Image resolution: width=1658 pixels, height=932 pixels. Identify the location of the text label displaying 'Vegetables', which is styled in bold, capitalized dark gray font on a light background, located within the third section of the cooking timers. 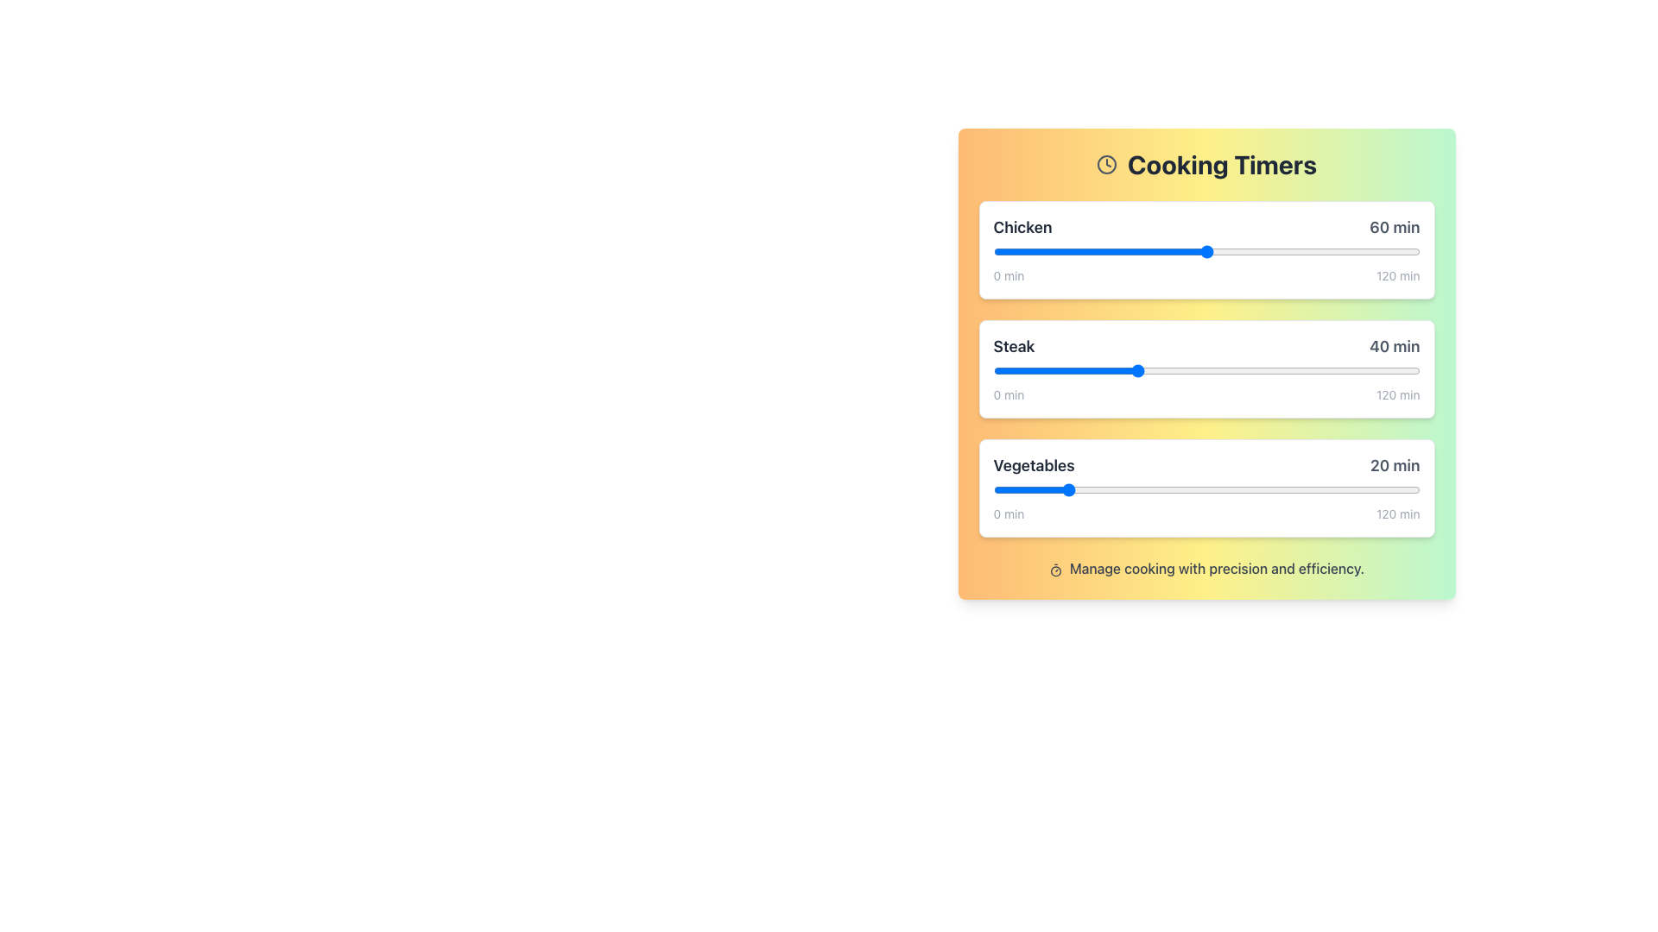
(1034, 466).